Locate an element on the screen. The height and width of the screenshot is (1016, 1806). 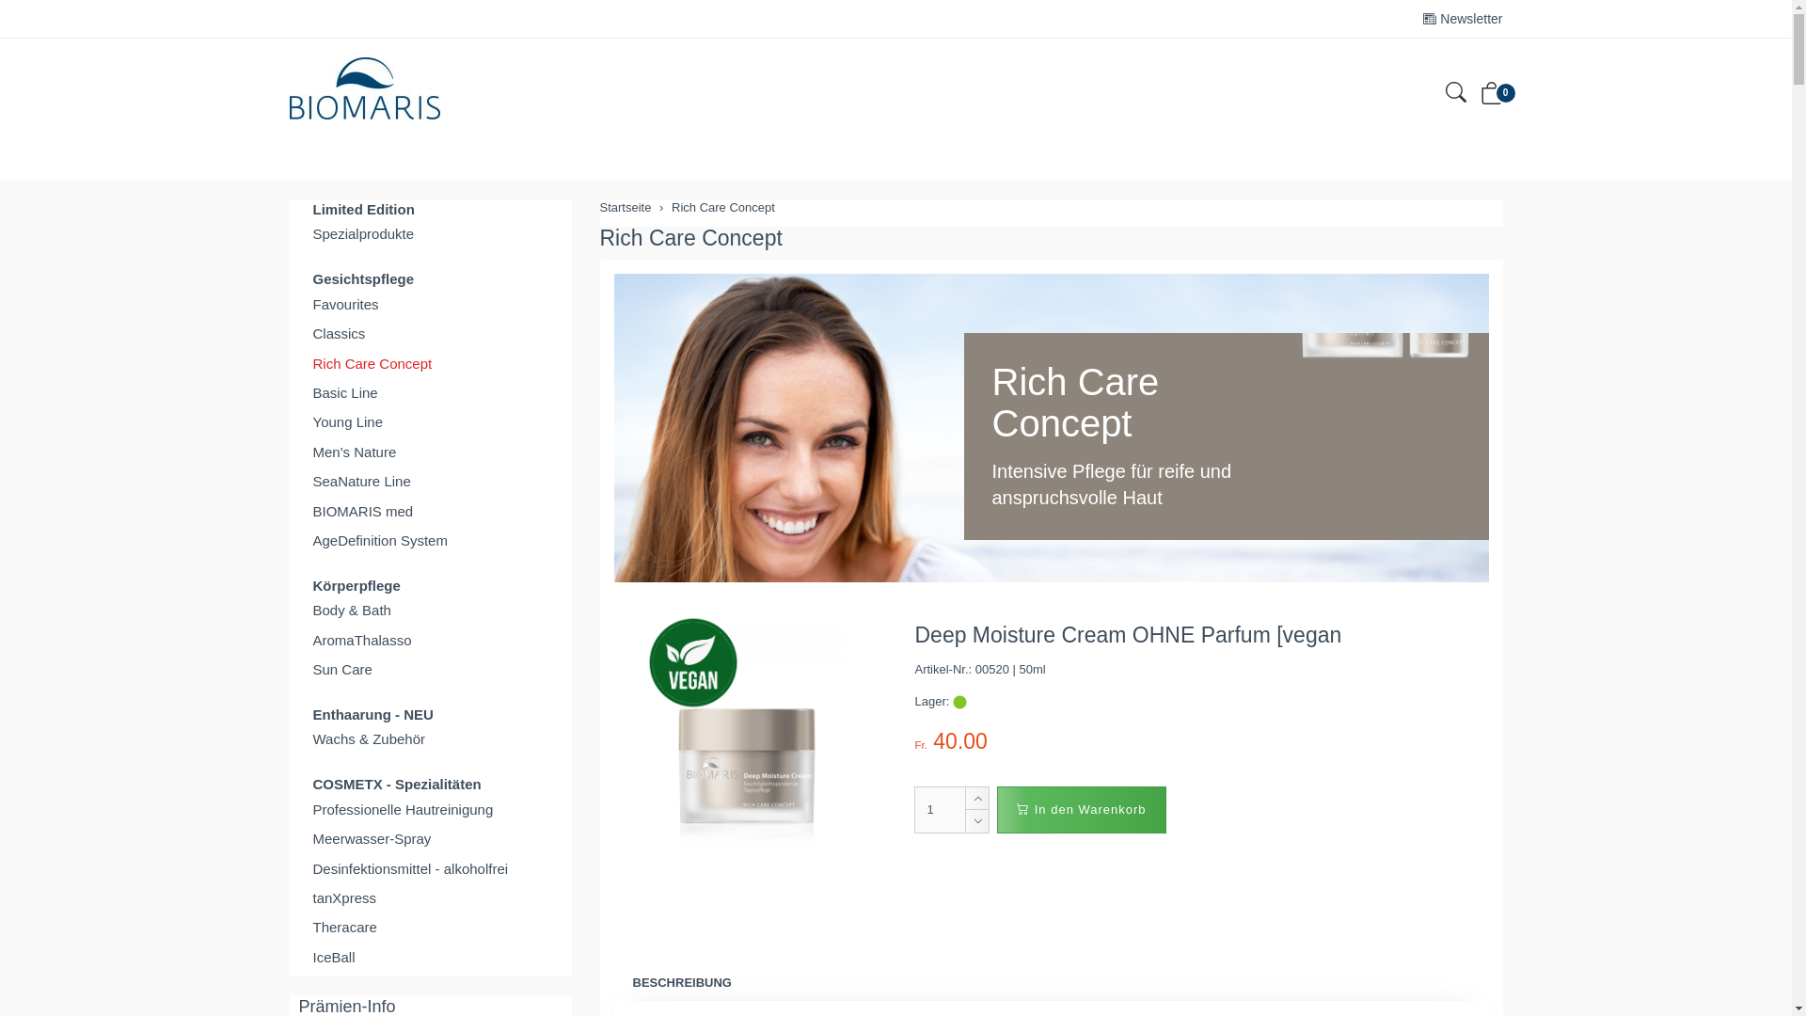
'Startseite' is located at coordinates (599, 207).